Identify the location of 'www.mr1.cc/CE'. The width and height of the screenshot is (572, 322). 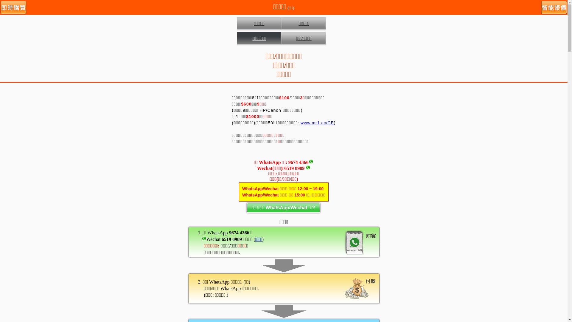
(317, 123).